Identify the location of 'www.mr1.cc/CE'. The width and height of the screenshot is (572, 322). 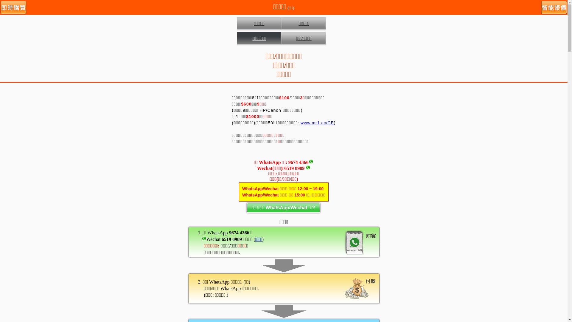
(317, 123).